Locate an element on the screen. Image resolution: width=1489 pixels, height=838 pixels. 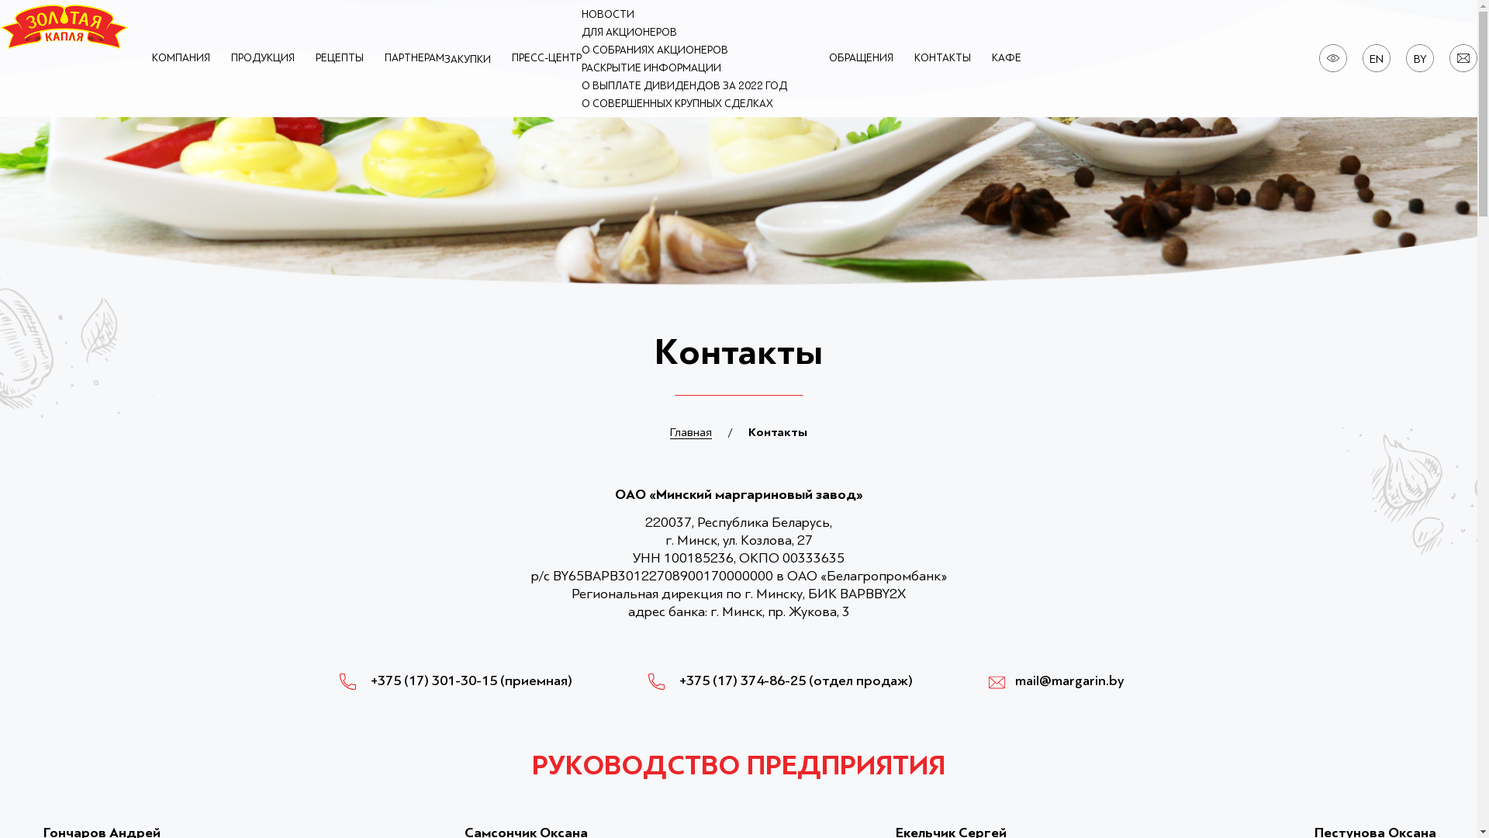
'BY' is located at coordinates (1419, 58).